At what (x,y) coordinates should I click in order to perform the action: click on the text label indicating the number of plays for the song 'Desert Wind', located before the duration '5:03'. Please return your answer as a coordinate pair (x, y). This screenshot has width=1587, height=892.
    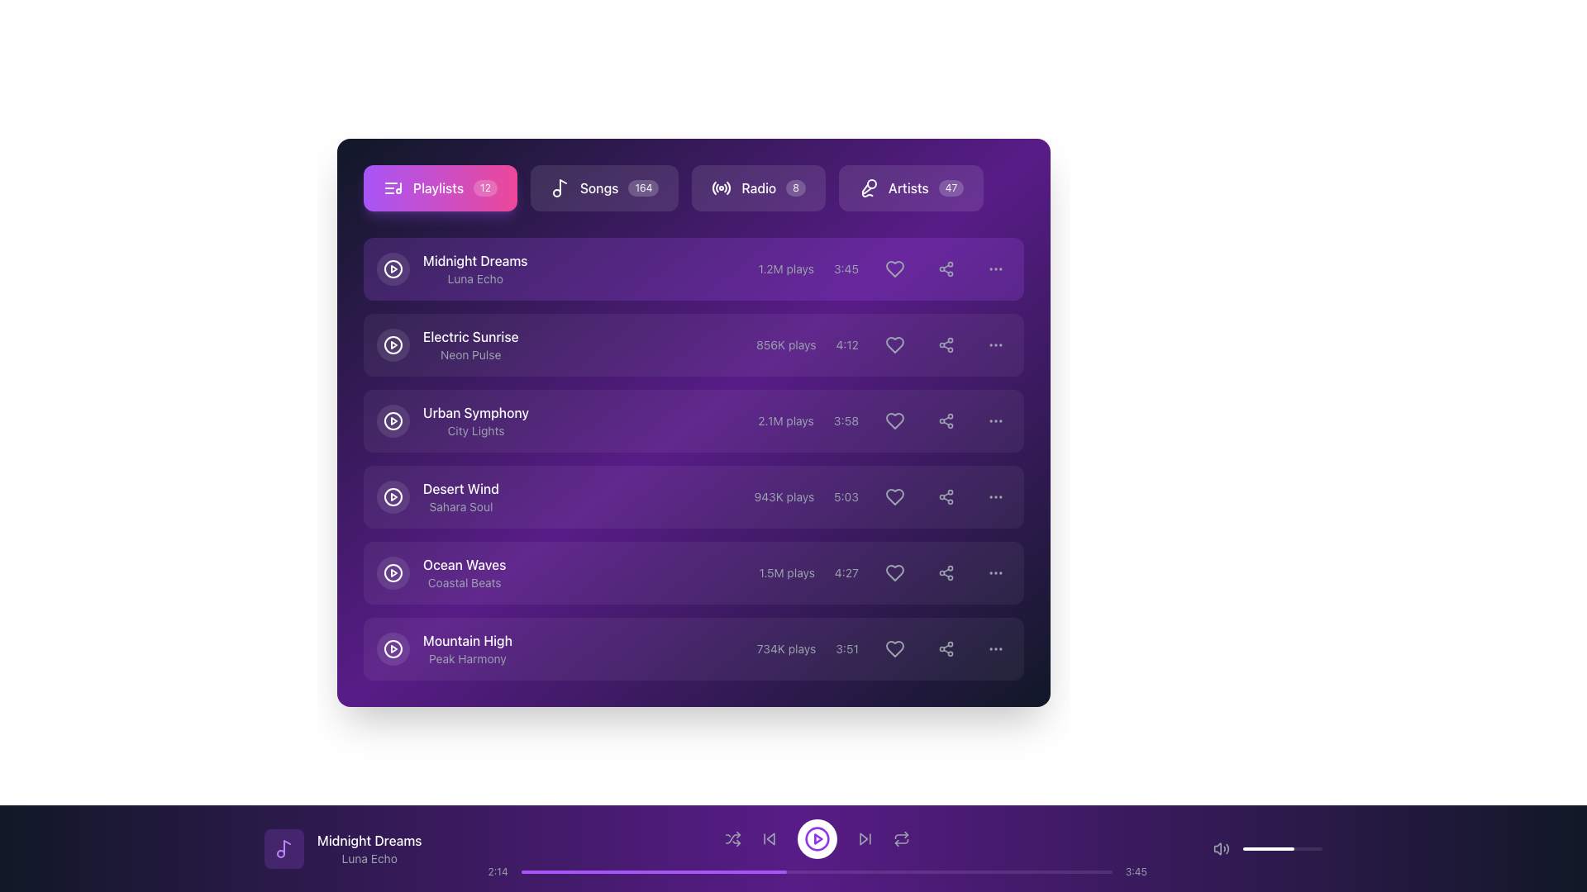
    Looking at the image, I should click on (783, 496).